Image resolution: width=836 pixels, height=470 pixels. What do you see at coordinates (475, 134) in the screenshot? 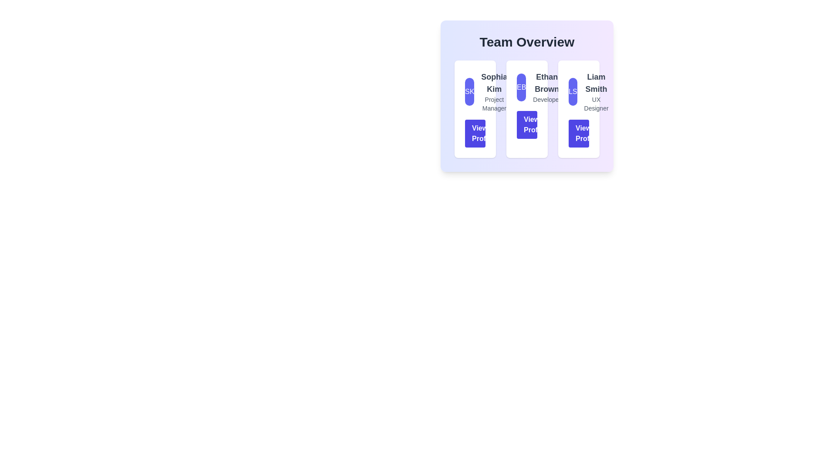
I see `the navigation button for viewing the profile of 'Sophia Kim' for accessibility purposes` at bounding box center [475, 134].